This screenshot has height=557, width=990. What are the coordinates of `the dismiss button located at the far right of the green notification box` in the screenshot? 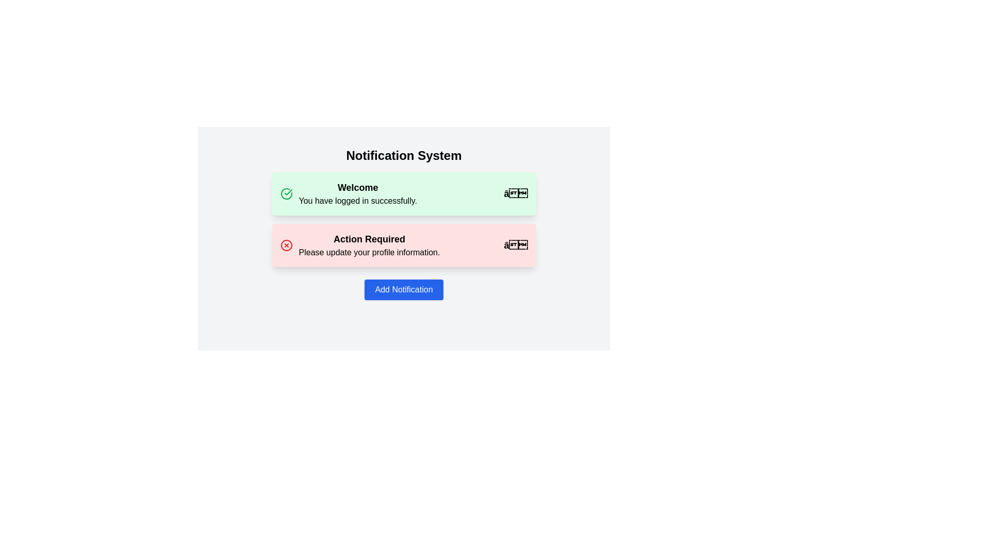 It's located at (516, 193).